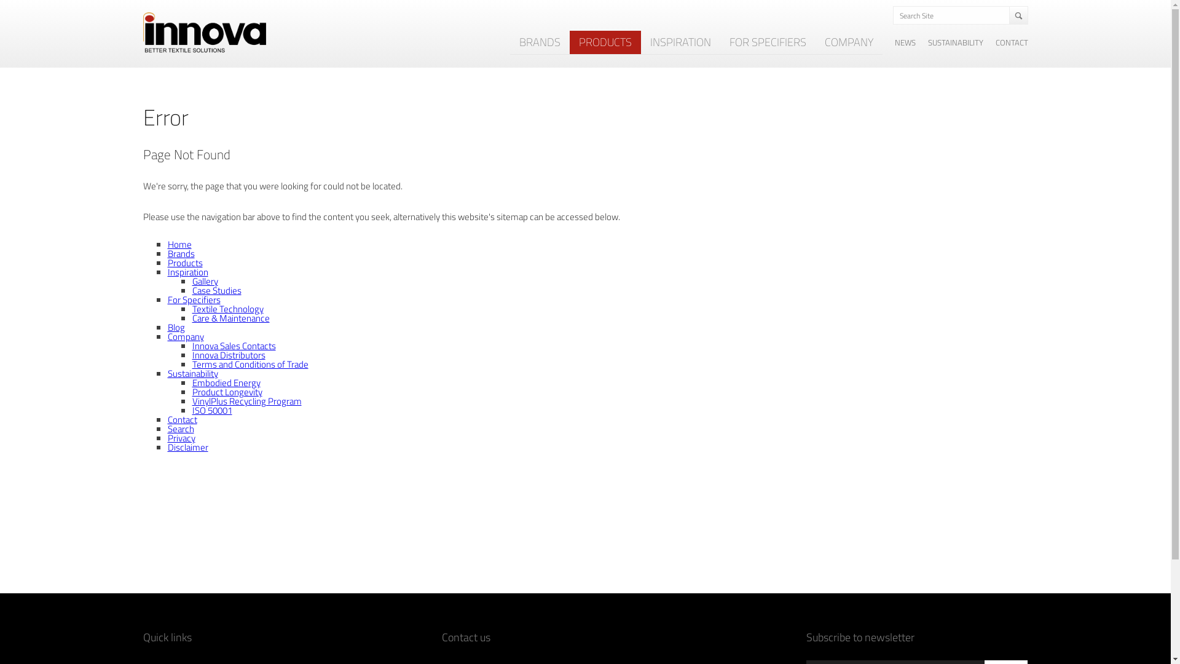  Describe the element at coordinates (179, 253) in the screenshot. I see `'Brands'` at that location.